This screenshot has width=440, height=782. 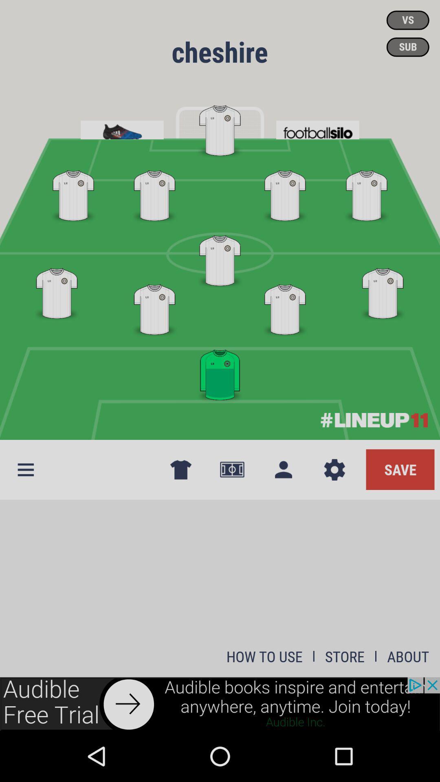 I want to click on the menu icon, so click(x=25, y=470).